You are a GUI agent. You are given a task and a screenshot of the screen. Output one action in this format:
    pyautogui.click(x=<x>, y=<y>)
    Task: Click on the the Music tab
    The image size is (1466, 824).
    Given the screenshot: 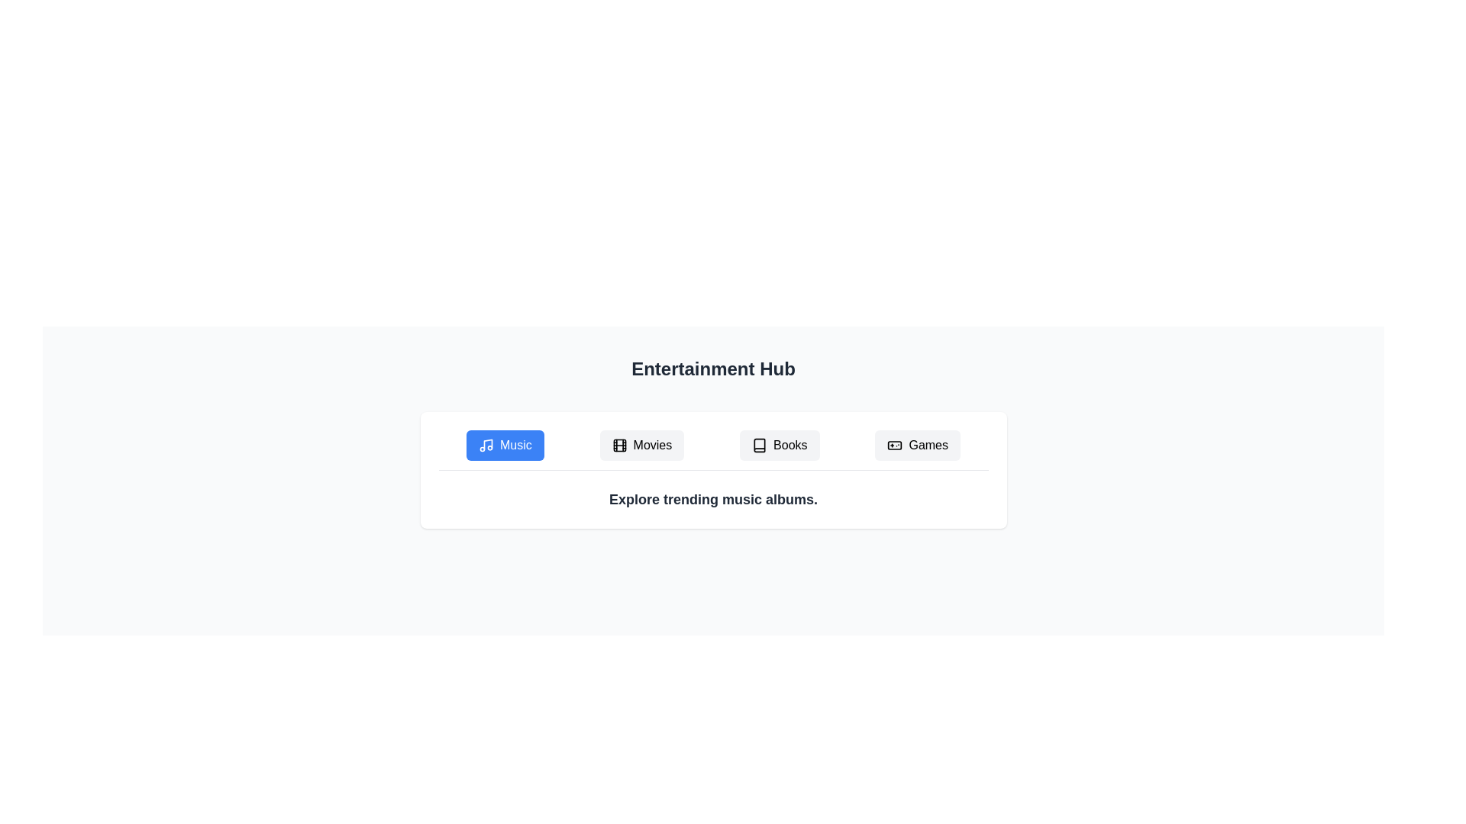 What is the action you would take?
    pyautogui.click(x=505, y=445)
    